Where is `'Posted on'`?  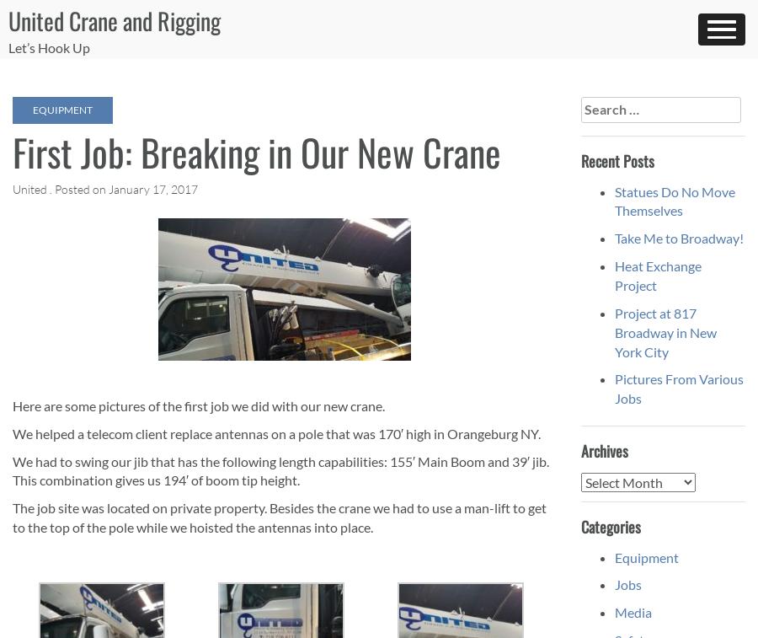
'Posted on' is located at coordinates (81, 188).